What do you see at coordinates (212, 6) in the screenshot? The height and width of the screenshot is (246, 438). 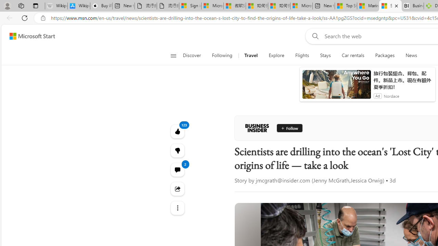 I see `'Microsoft Services Agreement'` at bounding box center [212, 6].